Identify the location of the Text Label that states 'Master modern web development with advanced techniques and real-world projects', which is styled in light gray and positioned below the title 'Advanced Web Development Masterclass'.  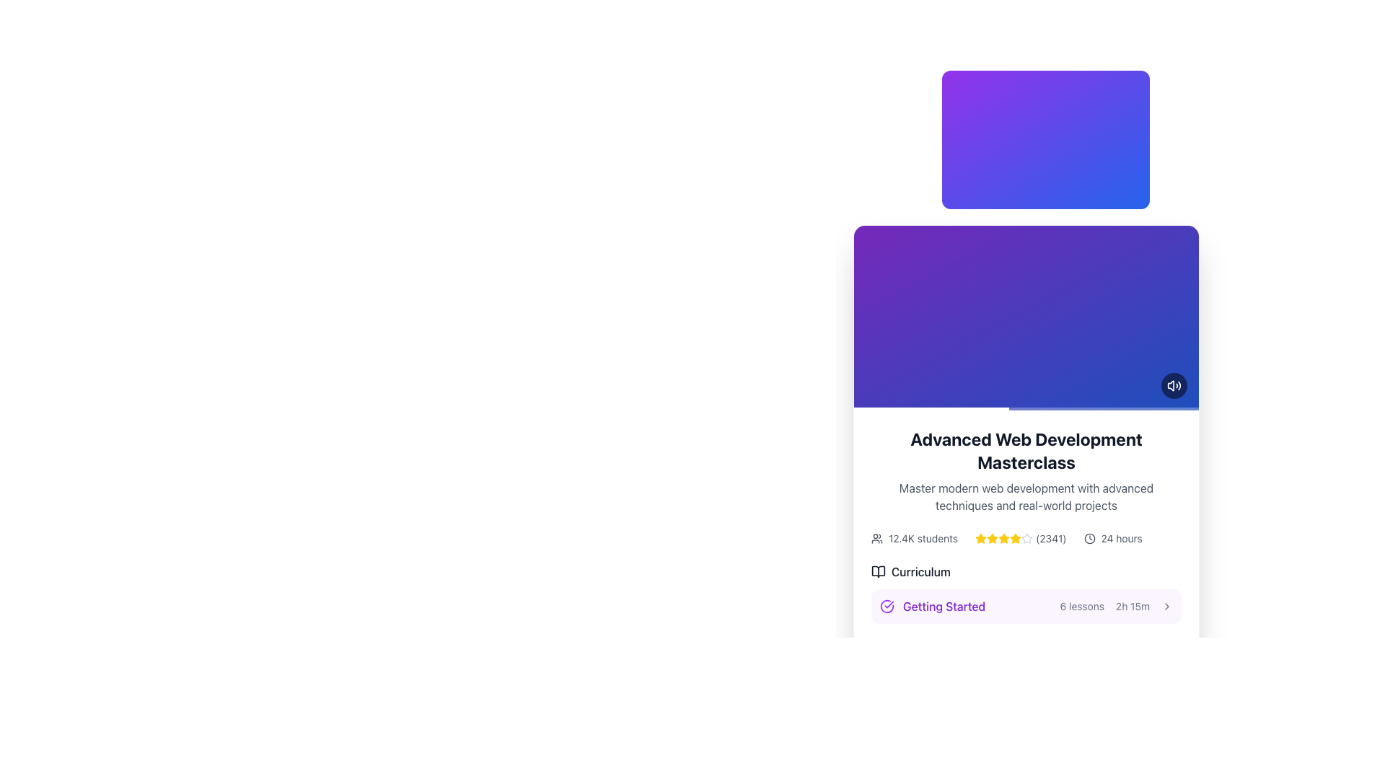
(1025, 496).